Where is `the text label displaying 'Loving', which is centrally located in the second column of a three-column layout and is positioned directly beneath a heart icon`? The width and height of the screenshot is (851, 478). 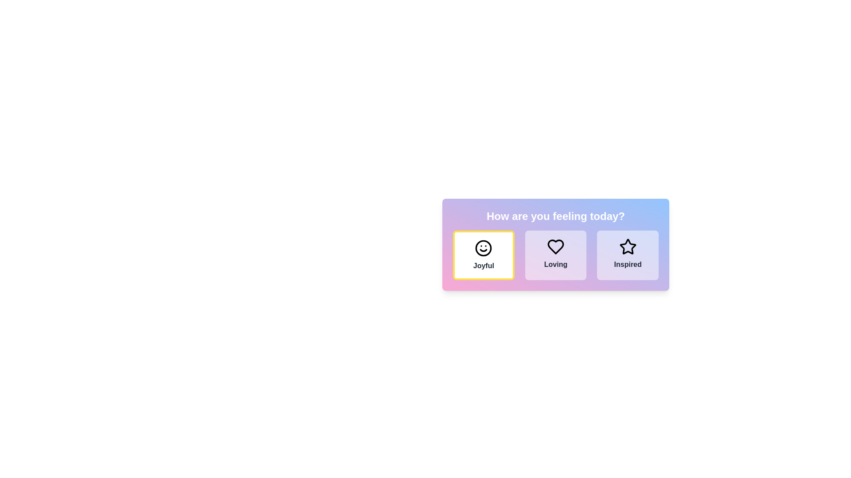
the text label displaying 'Loving', which is centrally located in the second column of a three-column layout and is positioned directly beneath a heart icon is located at coordinates (555, 264).